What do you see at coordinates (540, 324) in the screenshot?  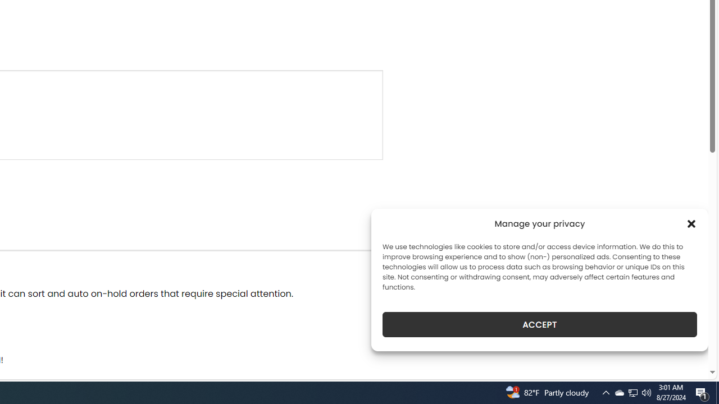 I see `'ACCEPT'` at bounding box center [540, 324].